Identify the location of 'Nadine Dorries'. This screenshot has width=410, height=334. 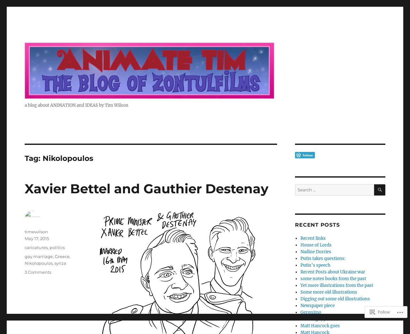
(315, 252).